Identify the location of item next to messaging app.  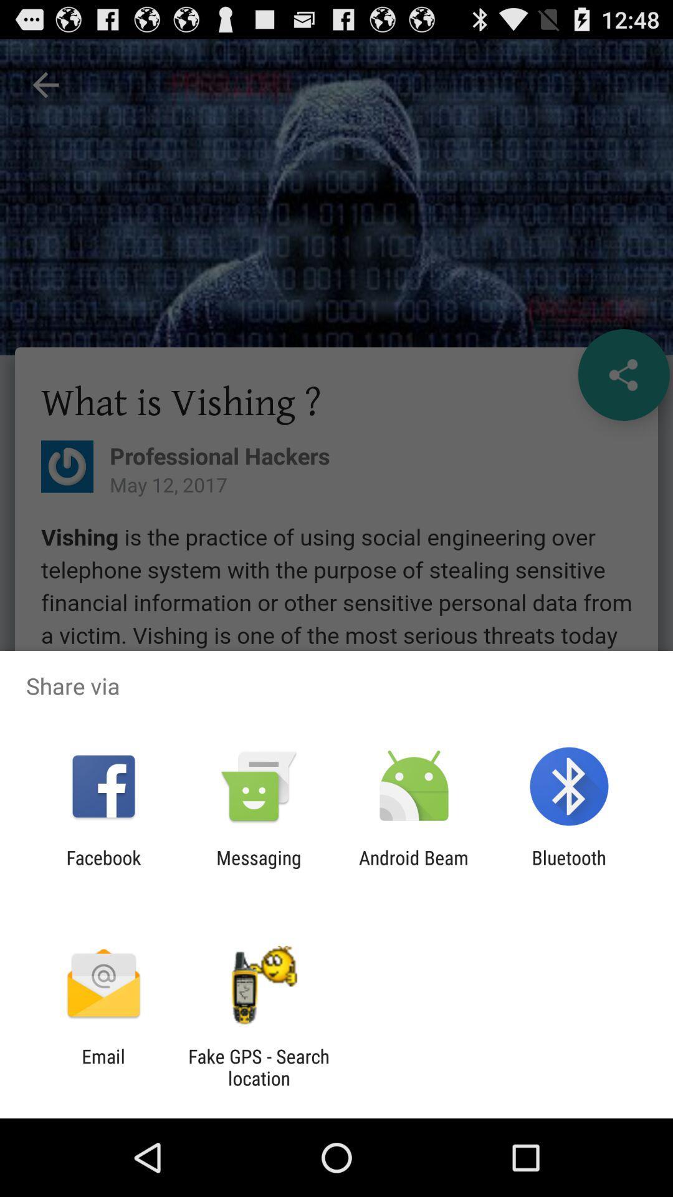
(103, 868).